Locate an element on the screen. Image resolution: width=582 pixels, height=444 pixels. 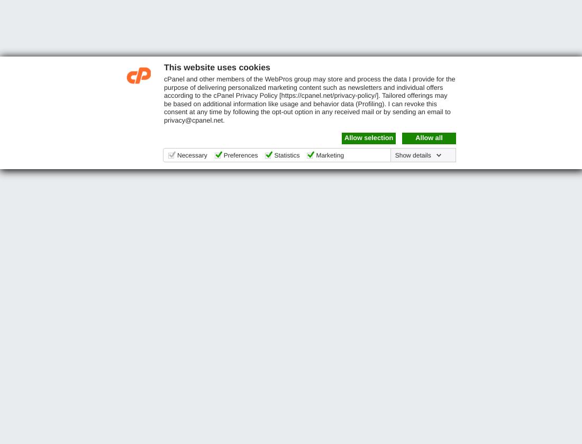
'cPanel, WebHost Manager and WHM are registered trademarks of cPanel, L.L.C. for providing its computer
software that facilitates the management and configuration of Internet web servers.' is located at coordinates (10, 410).